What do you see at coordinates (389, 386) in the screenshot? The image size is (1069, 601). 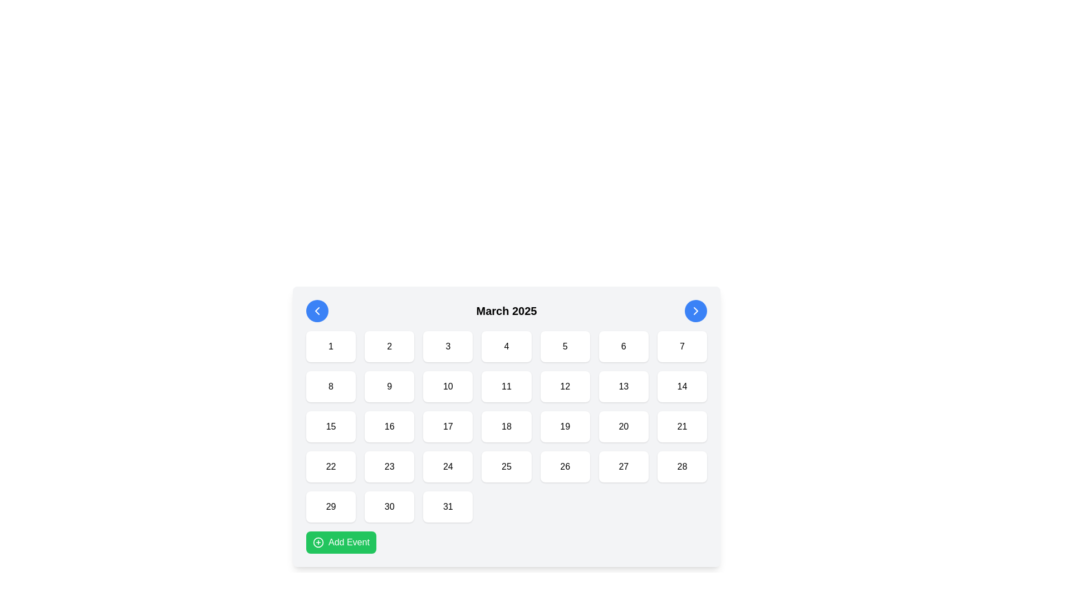 I see `the button representing the 9th day of the month in the calendar grid` at bounding box center [389, 386].